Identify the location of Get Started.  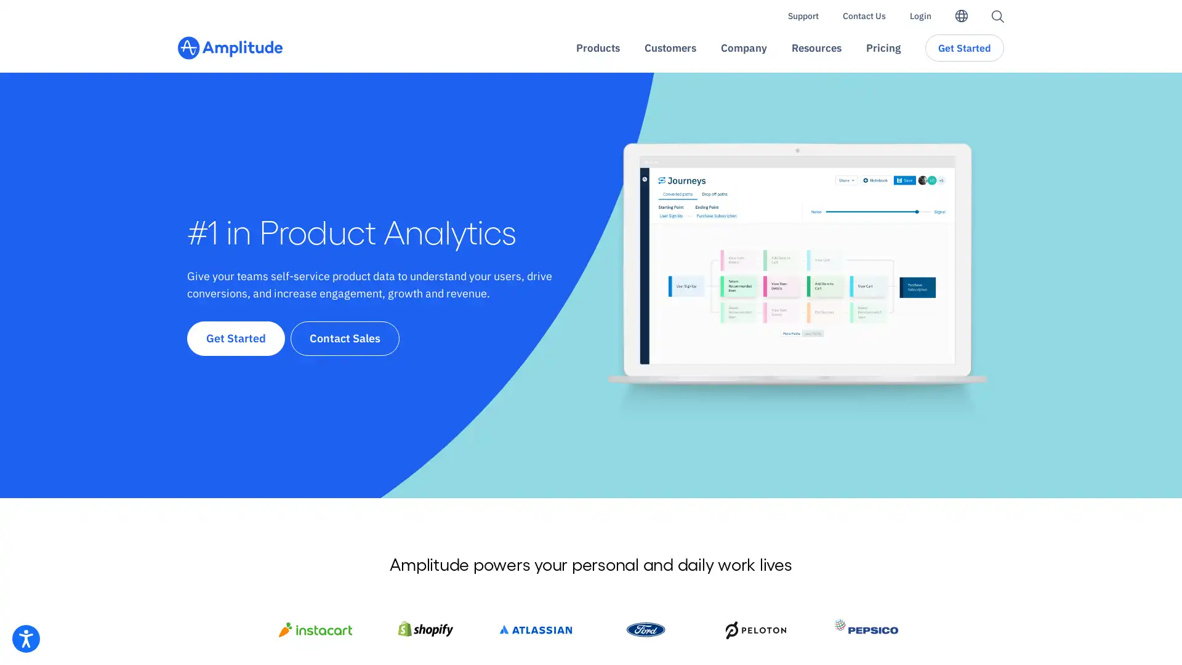
(236, 337).